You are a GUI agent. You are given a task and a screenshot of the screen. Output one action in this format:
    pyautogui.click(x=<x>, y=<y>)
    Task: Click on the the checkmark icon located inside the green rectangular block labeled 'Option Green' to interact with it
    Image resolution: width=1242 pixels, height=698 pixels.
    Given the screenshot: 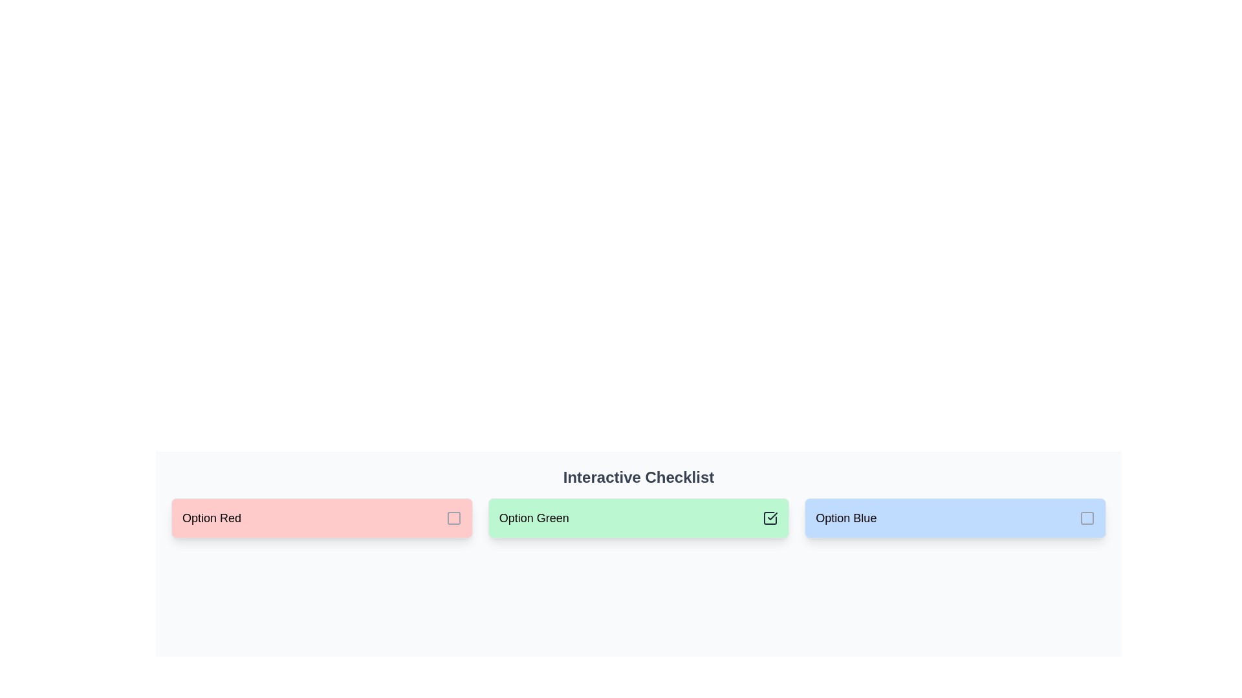 What is the action you would take?
    pyautogui.click(x=772, y=515)
    